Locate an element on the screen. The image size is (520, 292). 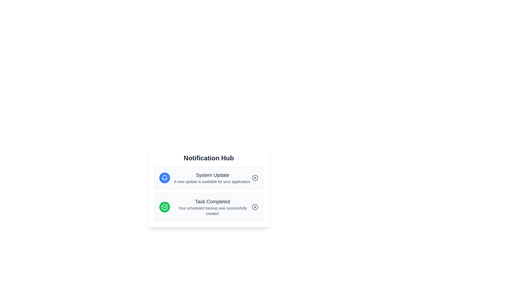
the small circular button with a cross inside, styled with a gray outline, located at the top-right corner of the 'Task Completed' message card is located at coordinates (255, 207).